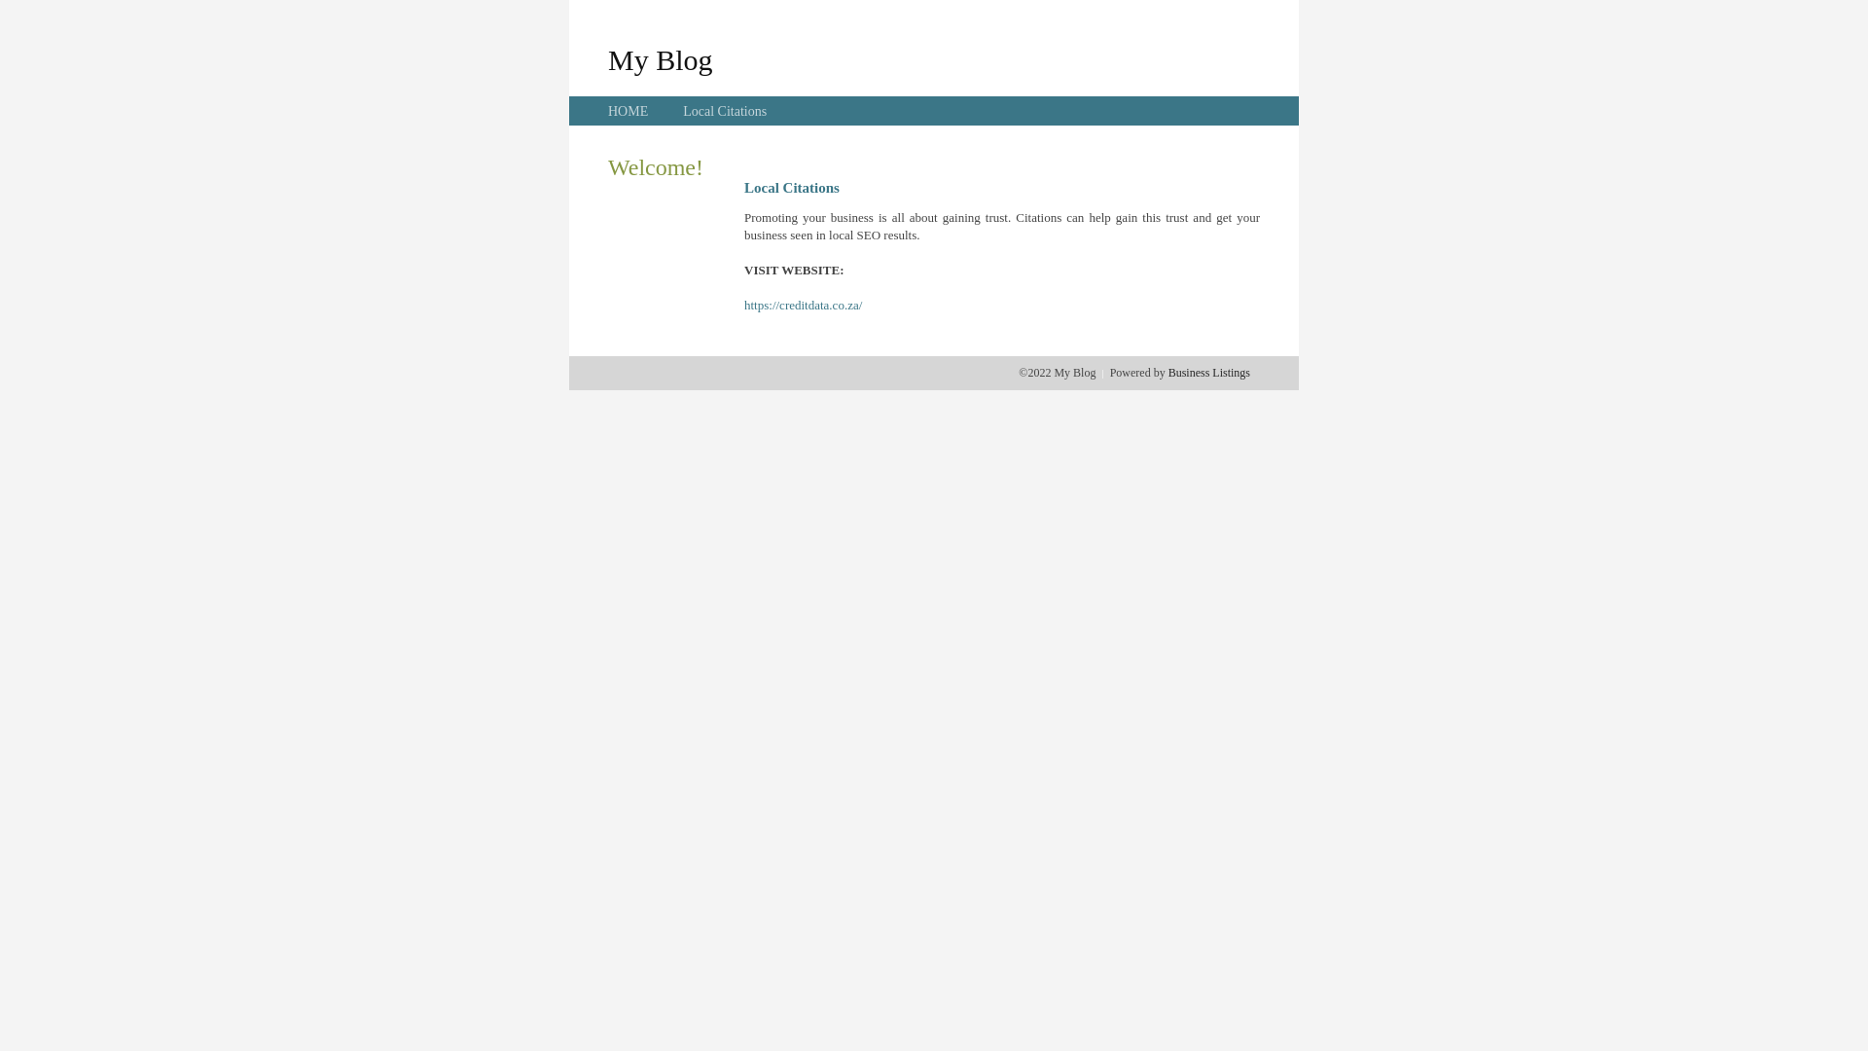  Describe the element at coordinates (803, 305) in the screenshot. I see `'https://creditdata.co.za/'` at that location.